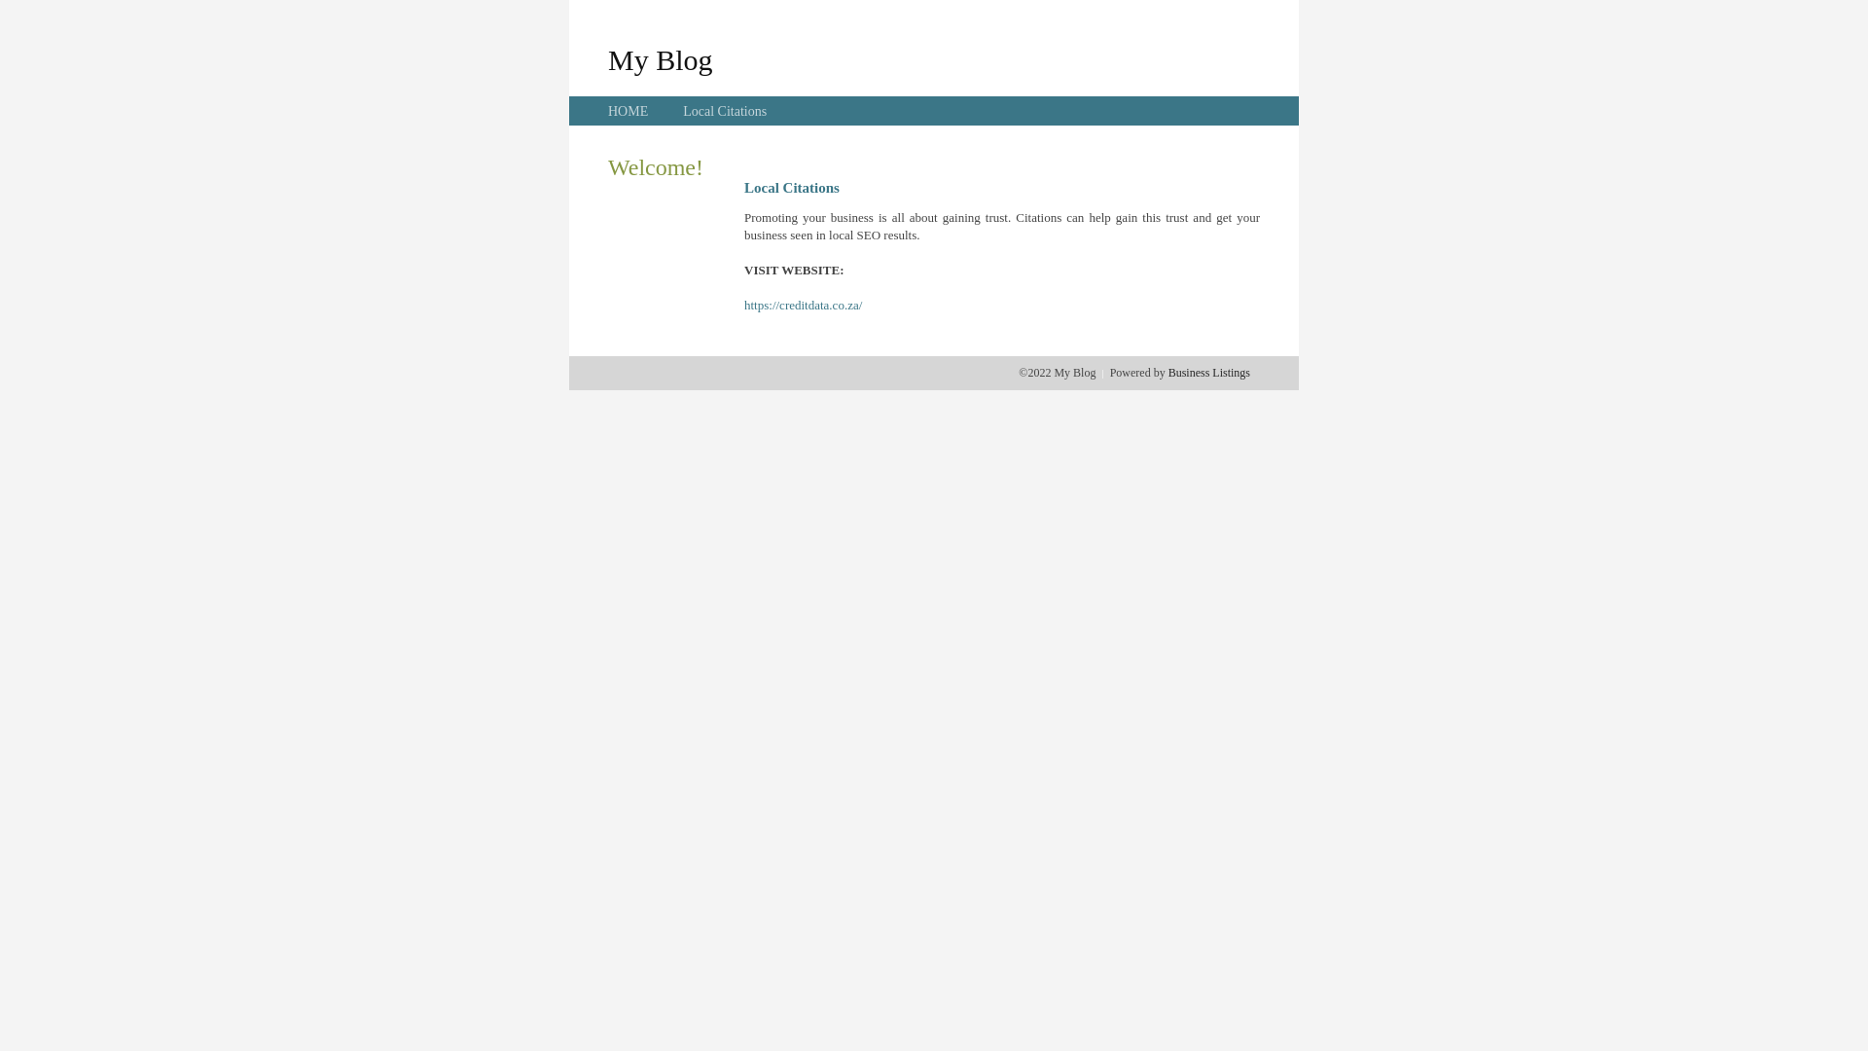  Describe the element at coordinates (803, 305) in the screenshot. I see `'https://creditdata.co.za/'` at that location.